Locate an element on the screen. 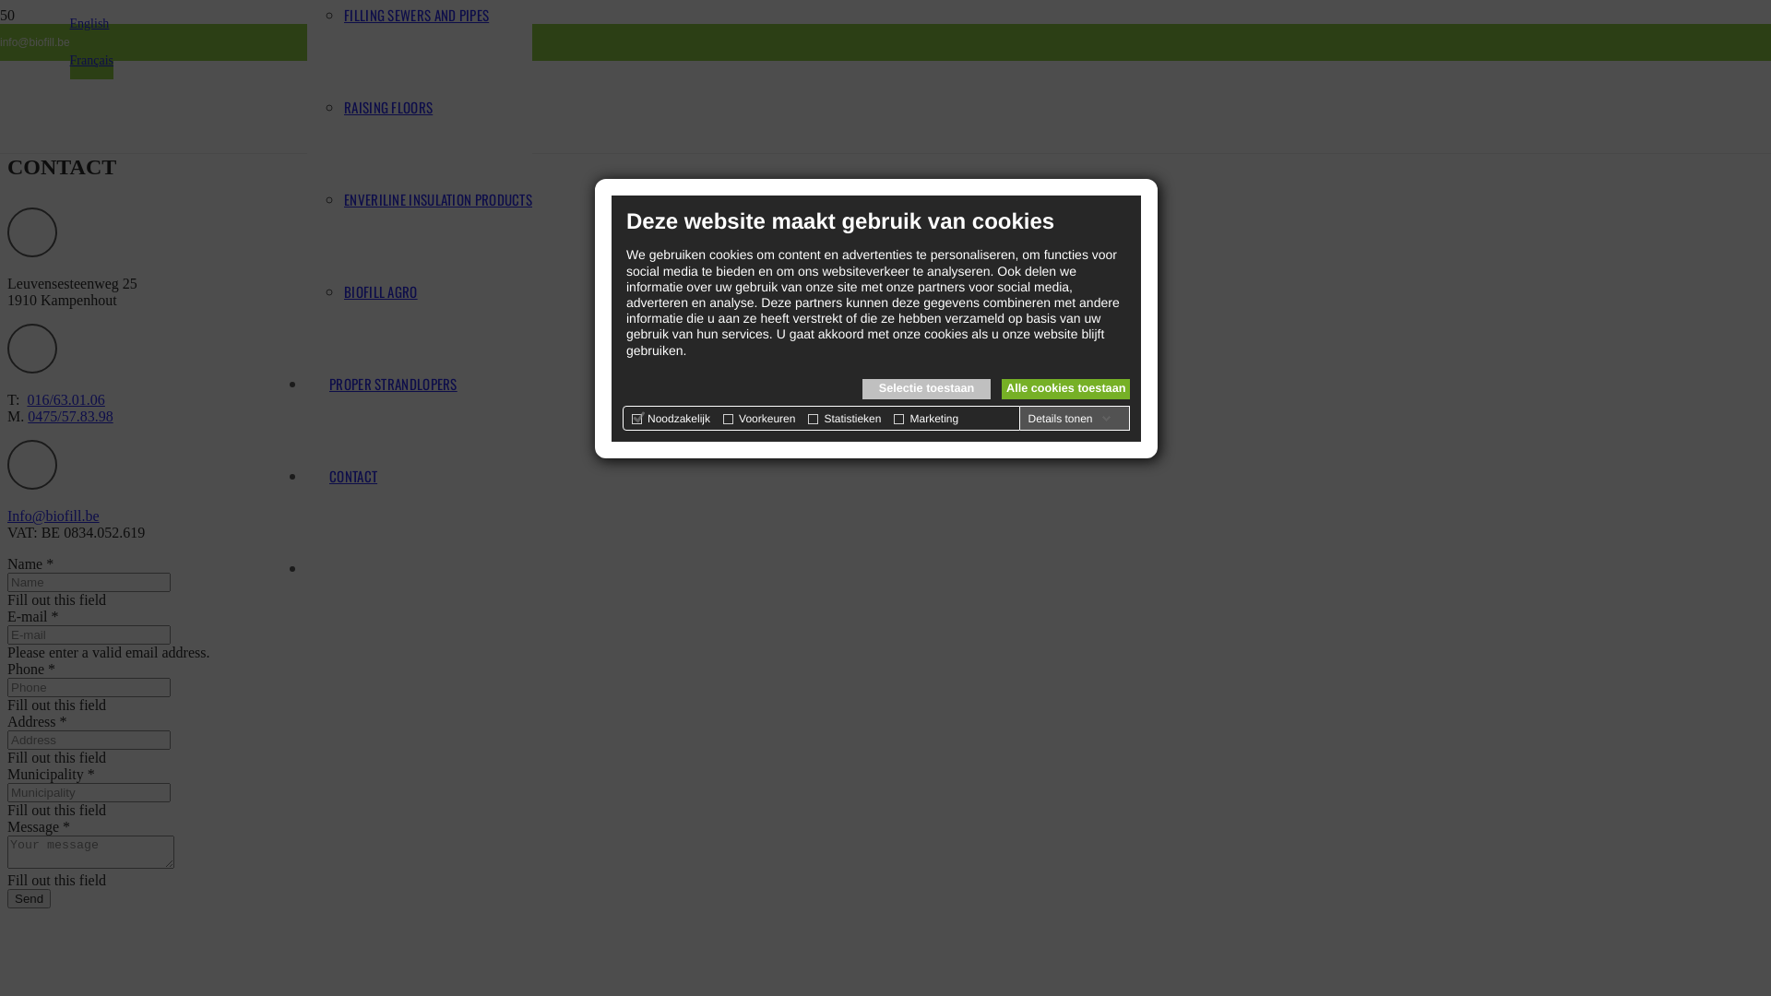 Image resolution: width=1771 pixels, height=996 pixels. 'Alle cookies toestaan' is located at coordinates (1065, 387).